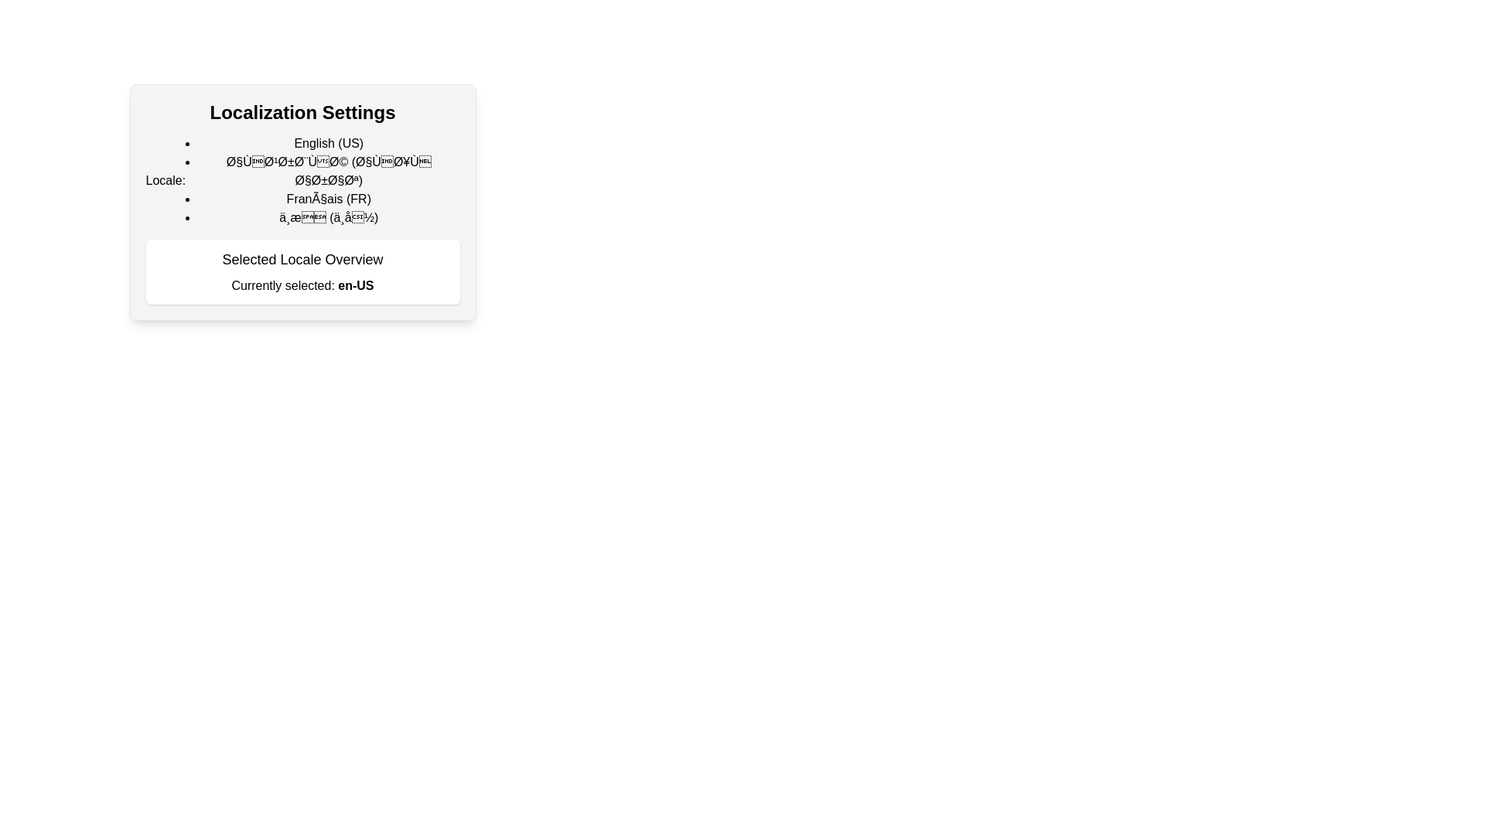 This screenshot has height=835, width=1485. Describe the element at coordinates (328, 172) in the screenshot. I see `the Arabic text item in the bullet list under 'Localization Settings' that is styled to change color to blue when hovered over` at that location.